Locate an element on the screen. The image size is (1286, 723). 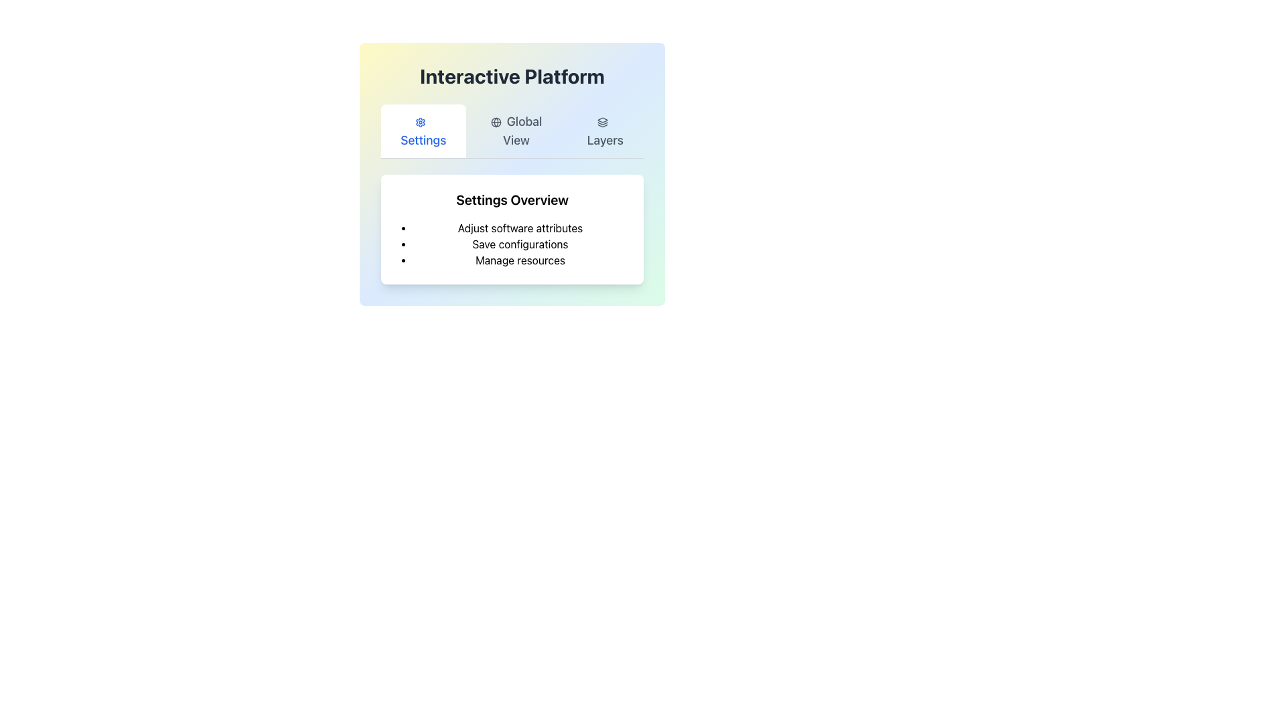
the 'Settings' button, which is a blue button with a gear icon above the text, positioned at the leftmost of three horizontal buttons in the upper section of the interface is located at coordinates (423, 131).